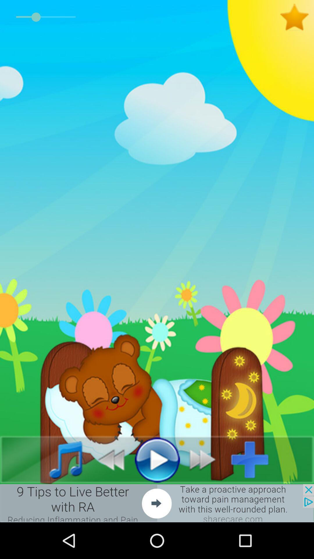 The width and height of the screenshot is (314, 559). What do you see at coordinates (254, 459) in the screenshot?
I see `the add icon` at bounding box center [254, 459].